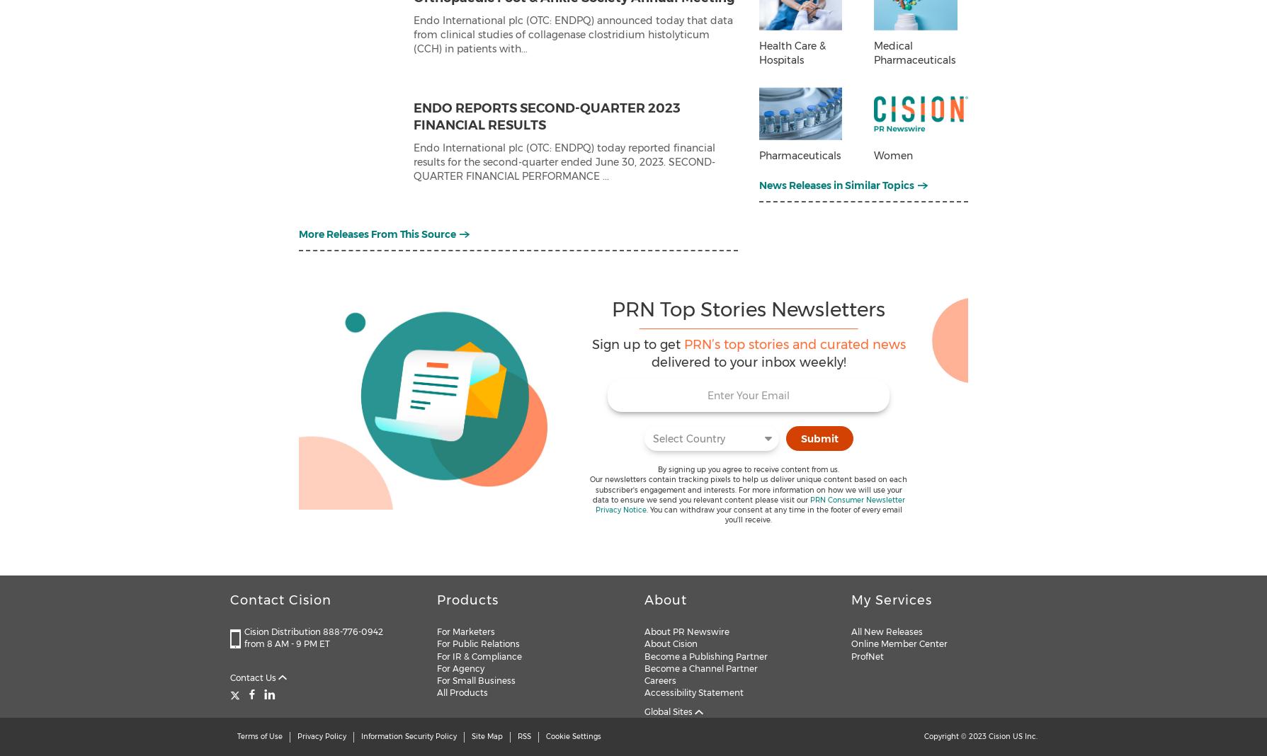 The width and height of the screenshot is (1267, 756). What do you see at coordinates (955, 736) in the screenshot?
I see `'Copyright © 2023'` at bounding box center [955, 736].